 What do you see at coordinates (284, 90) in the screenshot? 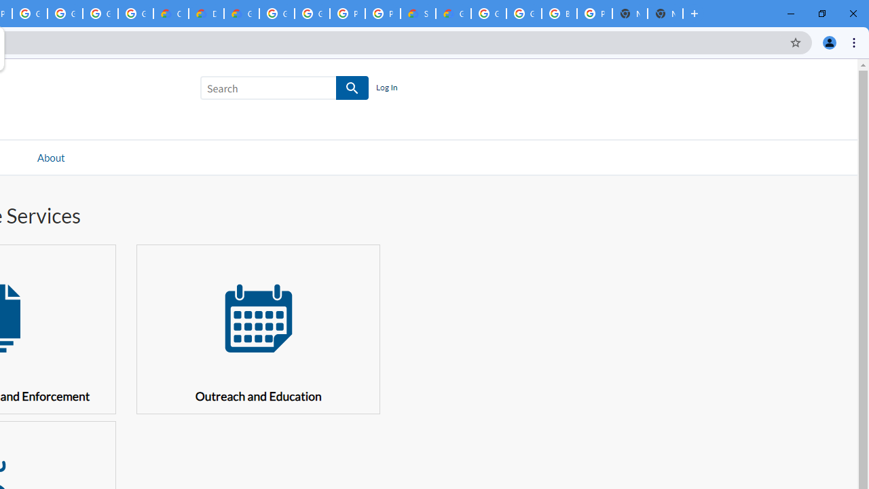
I see `'Search SEARCH'` at bounding box center [284, 90].